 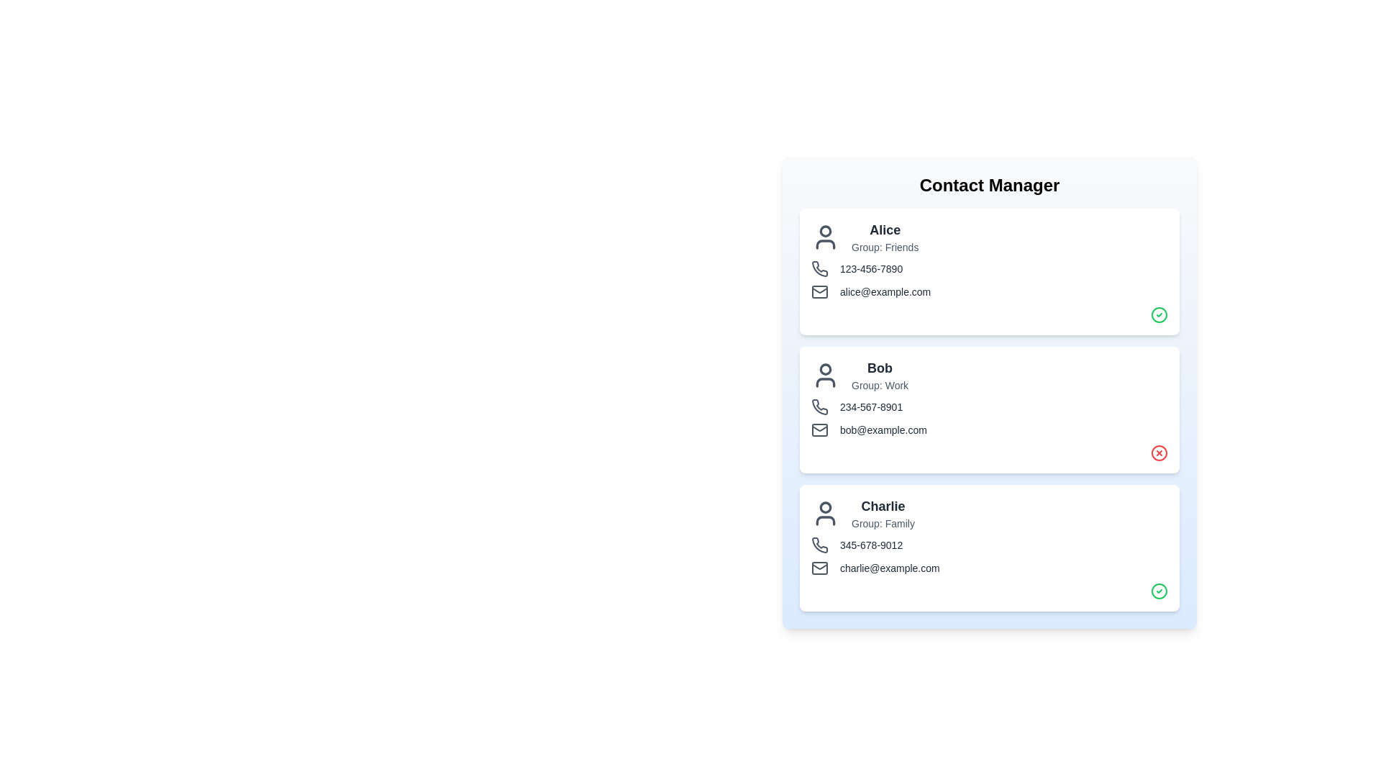 What do you see at coordinates (1159, 314) in the screenshot?
I see `the verification icon for Alice` at bounding box center [1159, 314].